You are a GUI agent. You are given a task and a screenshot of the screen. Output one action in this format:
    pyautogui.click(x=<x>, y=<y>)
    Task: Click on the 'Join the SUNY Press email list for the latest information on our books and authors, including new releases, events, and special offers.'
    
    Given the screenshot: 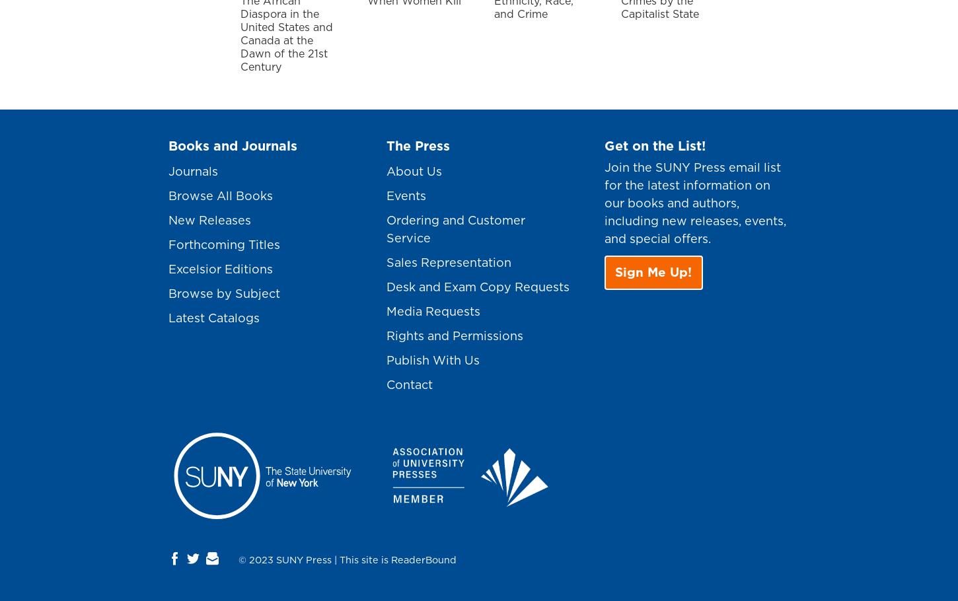 What is the action you would take?
    pyautogui.click(x=695, y=203)
    